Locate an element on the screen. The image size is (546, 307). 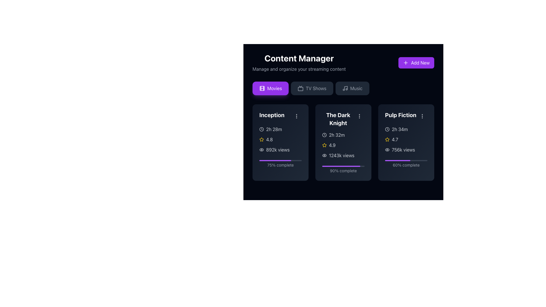
the text label displaying '756k views' located in the third column of the movie 'Pulp Fiction' content card, positioned below the star rating and eye icon is located at coordinates (403, 150).